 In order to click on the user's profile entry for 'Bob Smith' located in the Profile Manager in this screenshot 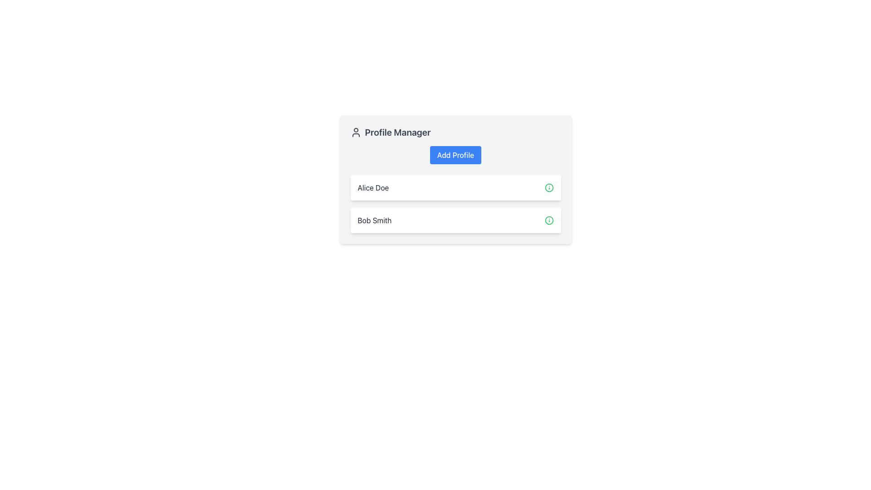, I will do `click(455, 220)`.